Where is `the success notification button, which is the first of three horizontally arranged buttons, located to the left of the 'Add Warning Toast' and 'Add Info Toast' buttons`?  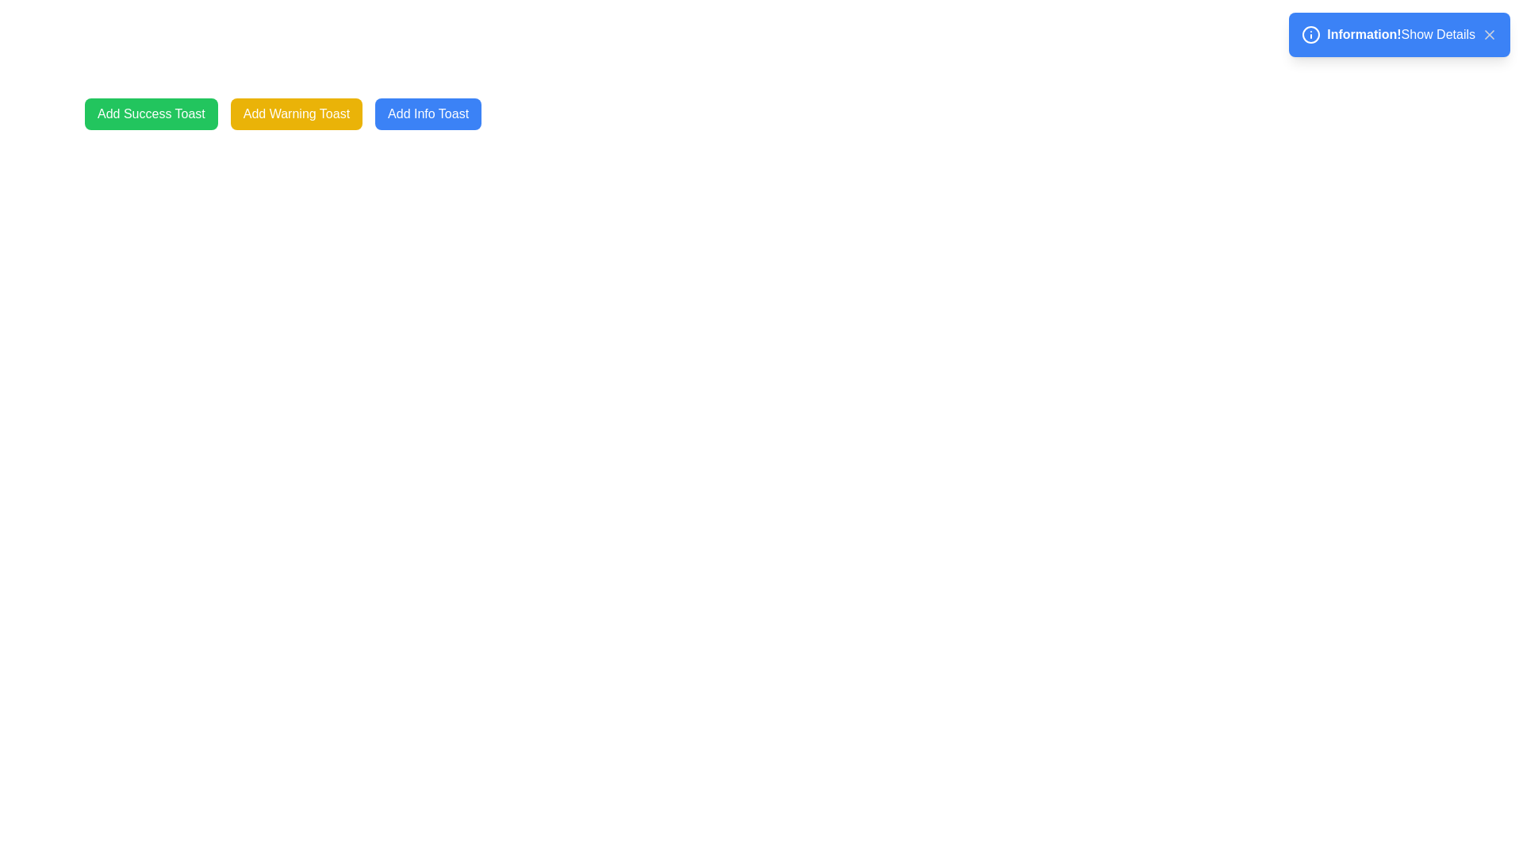
the success notification button, which is the first of three horizontally arranged buttons, located to the left of the 'Add Warning Toast' and 'Add Info Toast' buttons is located at coordinates (151, 113).